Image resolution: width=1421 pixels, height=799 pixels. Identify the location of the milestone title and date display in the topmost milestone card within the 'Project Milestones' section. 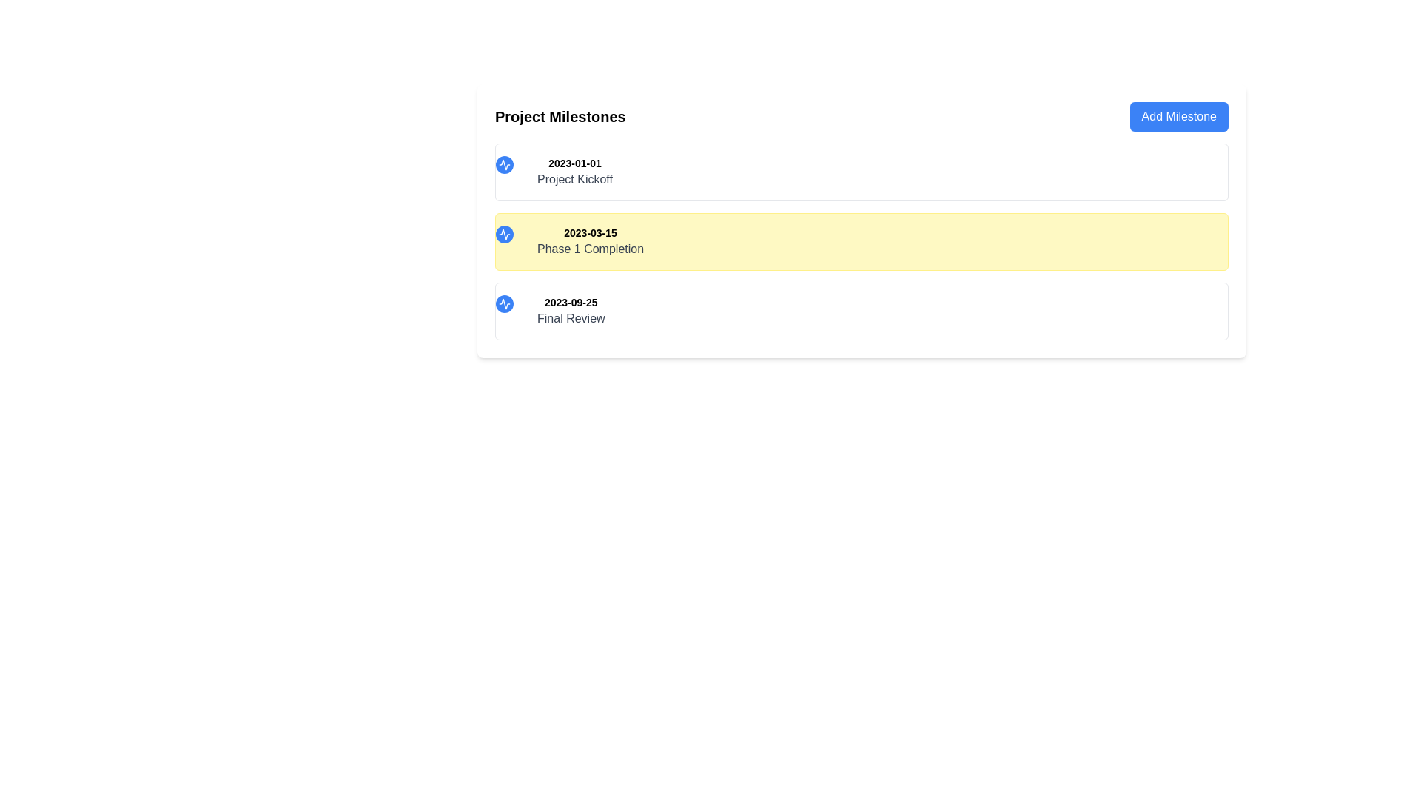
(574, 171).